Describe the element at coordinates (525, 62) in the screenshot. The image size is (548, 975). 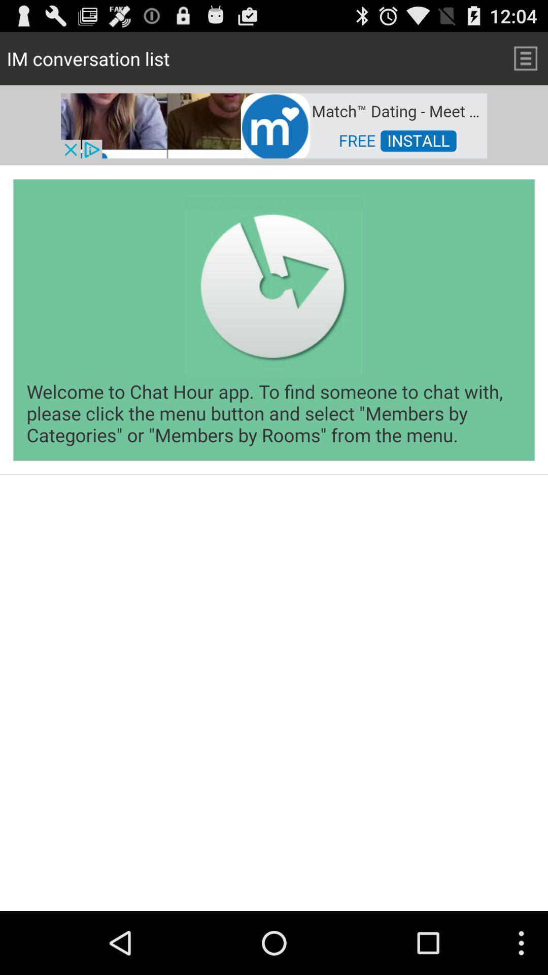
I see `the menu icon` at that location.